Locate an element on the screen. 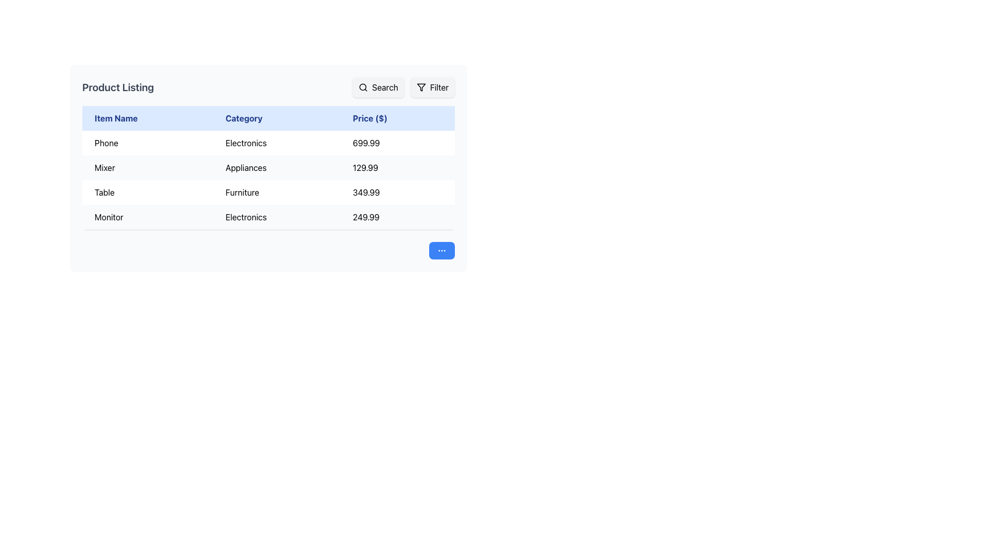 This screenshot has width=988, height=556. the price display element showing '129.99' in bold black font under the 'Price ($)' column for the product 'Mixer' is located at coordinates (397, 167).